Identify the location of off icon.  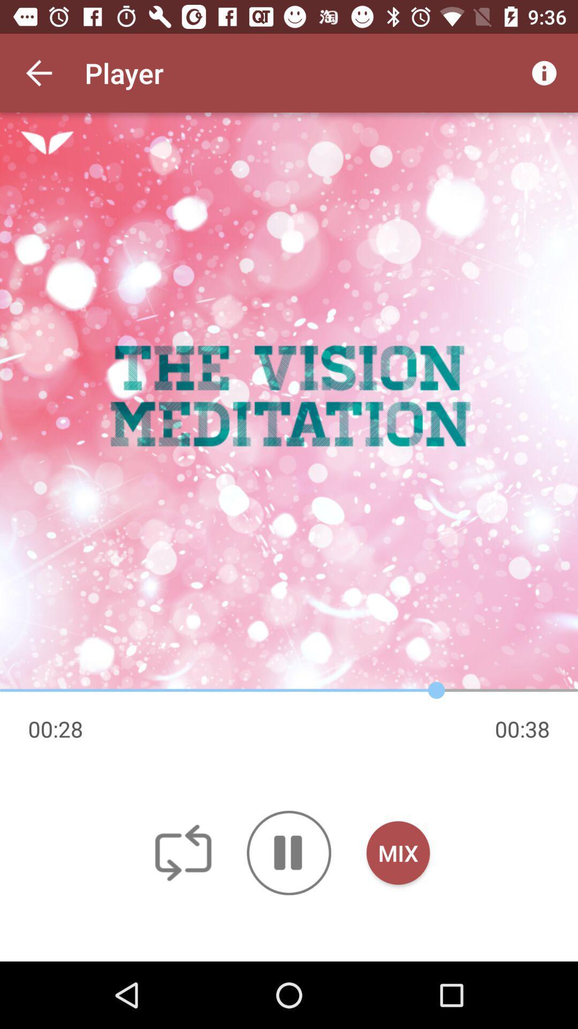
(182, 852).